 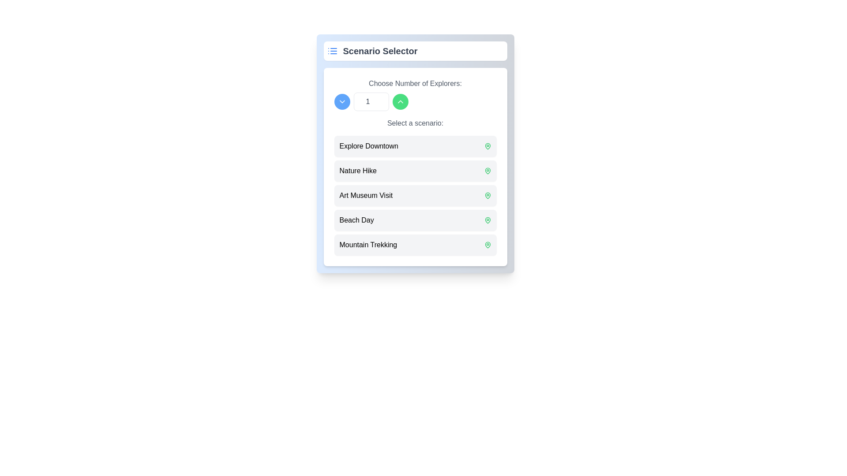 I want to click on the first selectable option in the 'Scenario Selector' list, so click(x=415, y=145).